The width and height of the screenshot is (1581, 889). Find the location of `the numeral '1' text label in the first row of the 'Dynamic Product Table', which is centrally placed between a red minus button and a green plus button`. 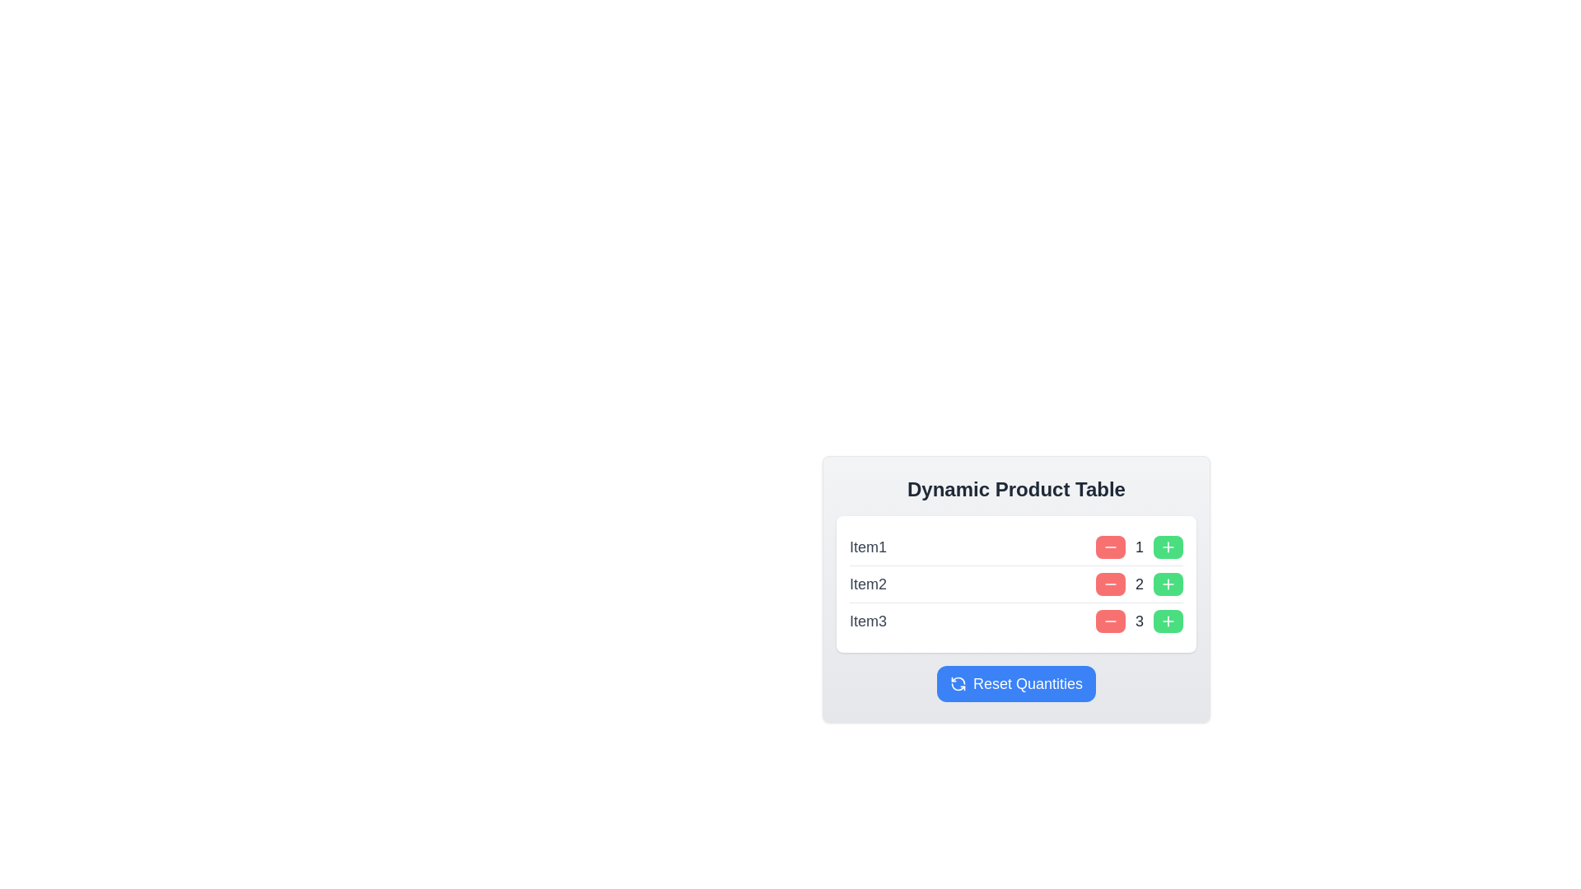

the numeral '1' text label in the first row of the 'Dynamic Product Table', which is centrally placed between a red minus button and a green plus button is located at coordinates (1138, 547).